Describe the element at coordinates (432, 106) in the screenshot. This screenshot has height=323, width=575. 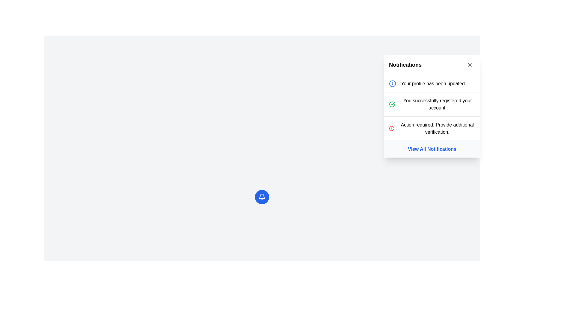
I see `an individual notification within the Notifications panel located in the top-right corner of the application interface` at that location.